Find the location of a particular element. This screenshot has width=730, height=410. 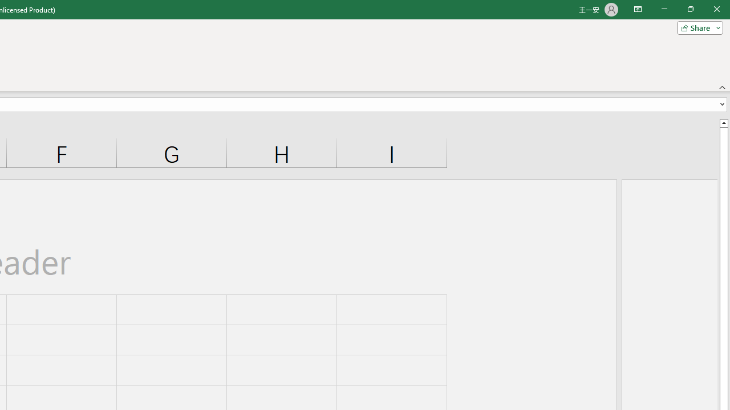

'Minimize' is located at coordinates (664, 9).